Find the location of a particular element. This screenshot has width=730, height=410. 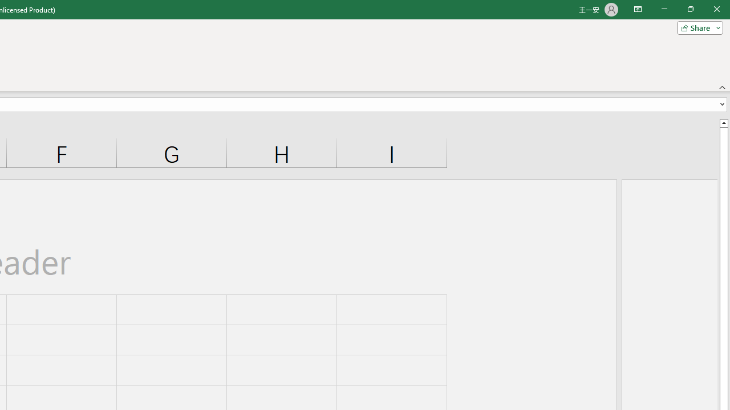

'Minimize' is located at coordinates (664, 9).